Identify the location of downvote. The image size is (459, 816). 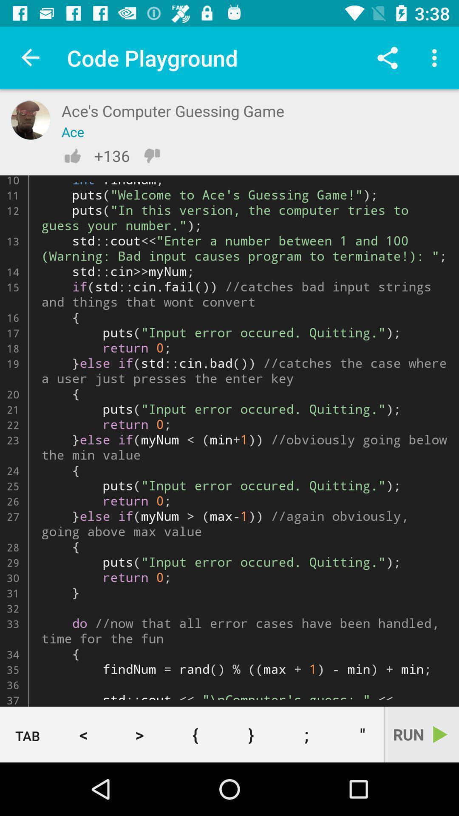
(151, 156).